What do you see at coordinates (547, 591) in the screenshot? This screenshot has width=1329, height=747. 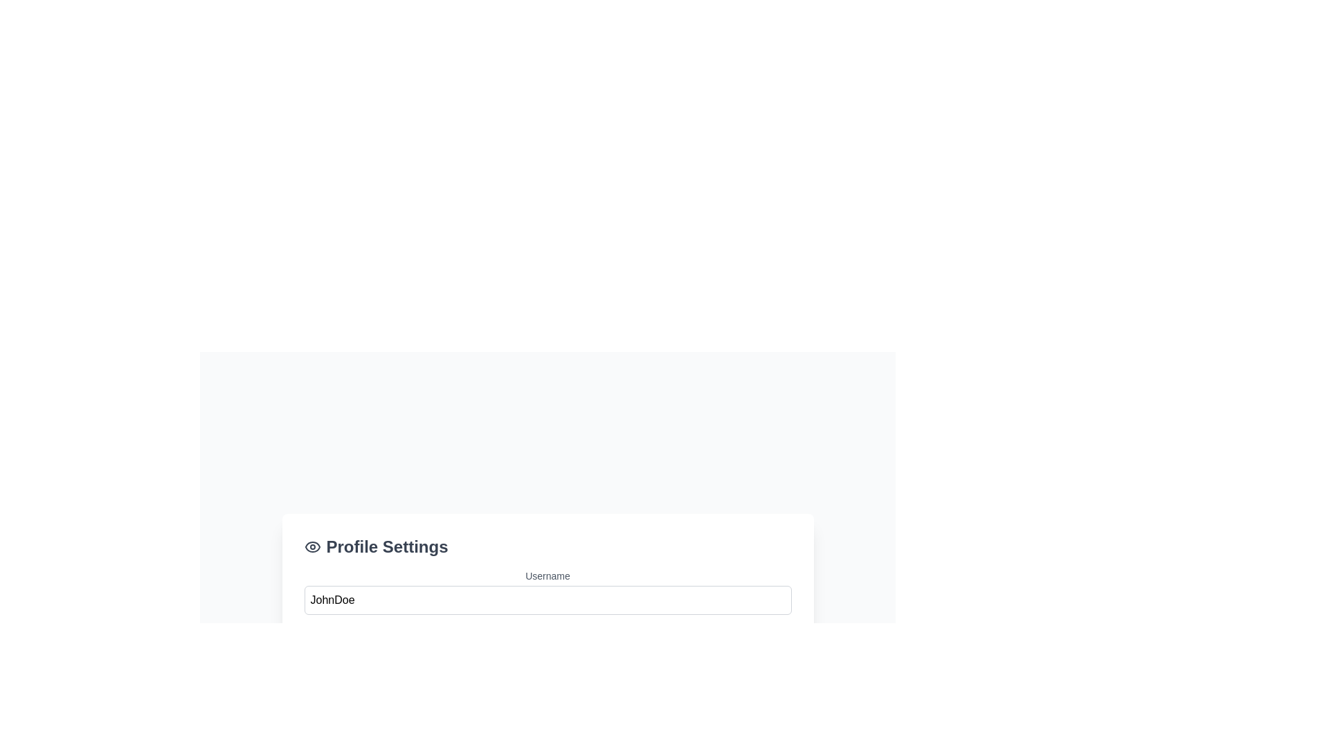 I see `the username input field located in the 'Profile Settings' section to focus on it` at bounding box center [547, 591].